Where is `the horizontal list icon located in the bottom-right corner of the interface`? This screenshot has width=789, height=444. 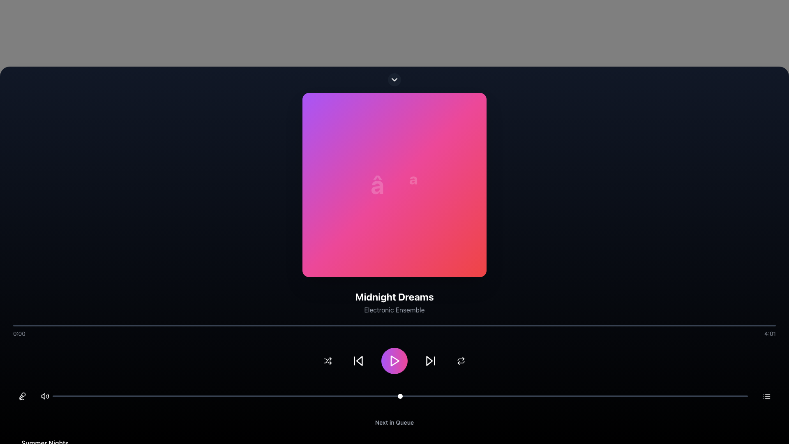
the horizontal list icon located in the bottom-right corner of the interface is located at coordinates (766, 396).